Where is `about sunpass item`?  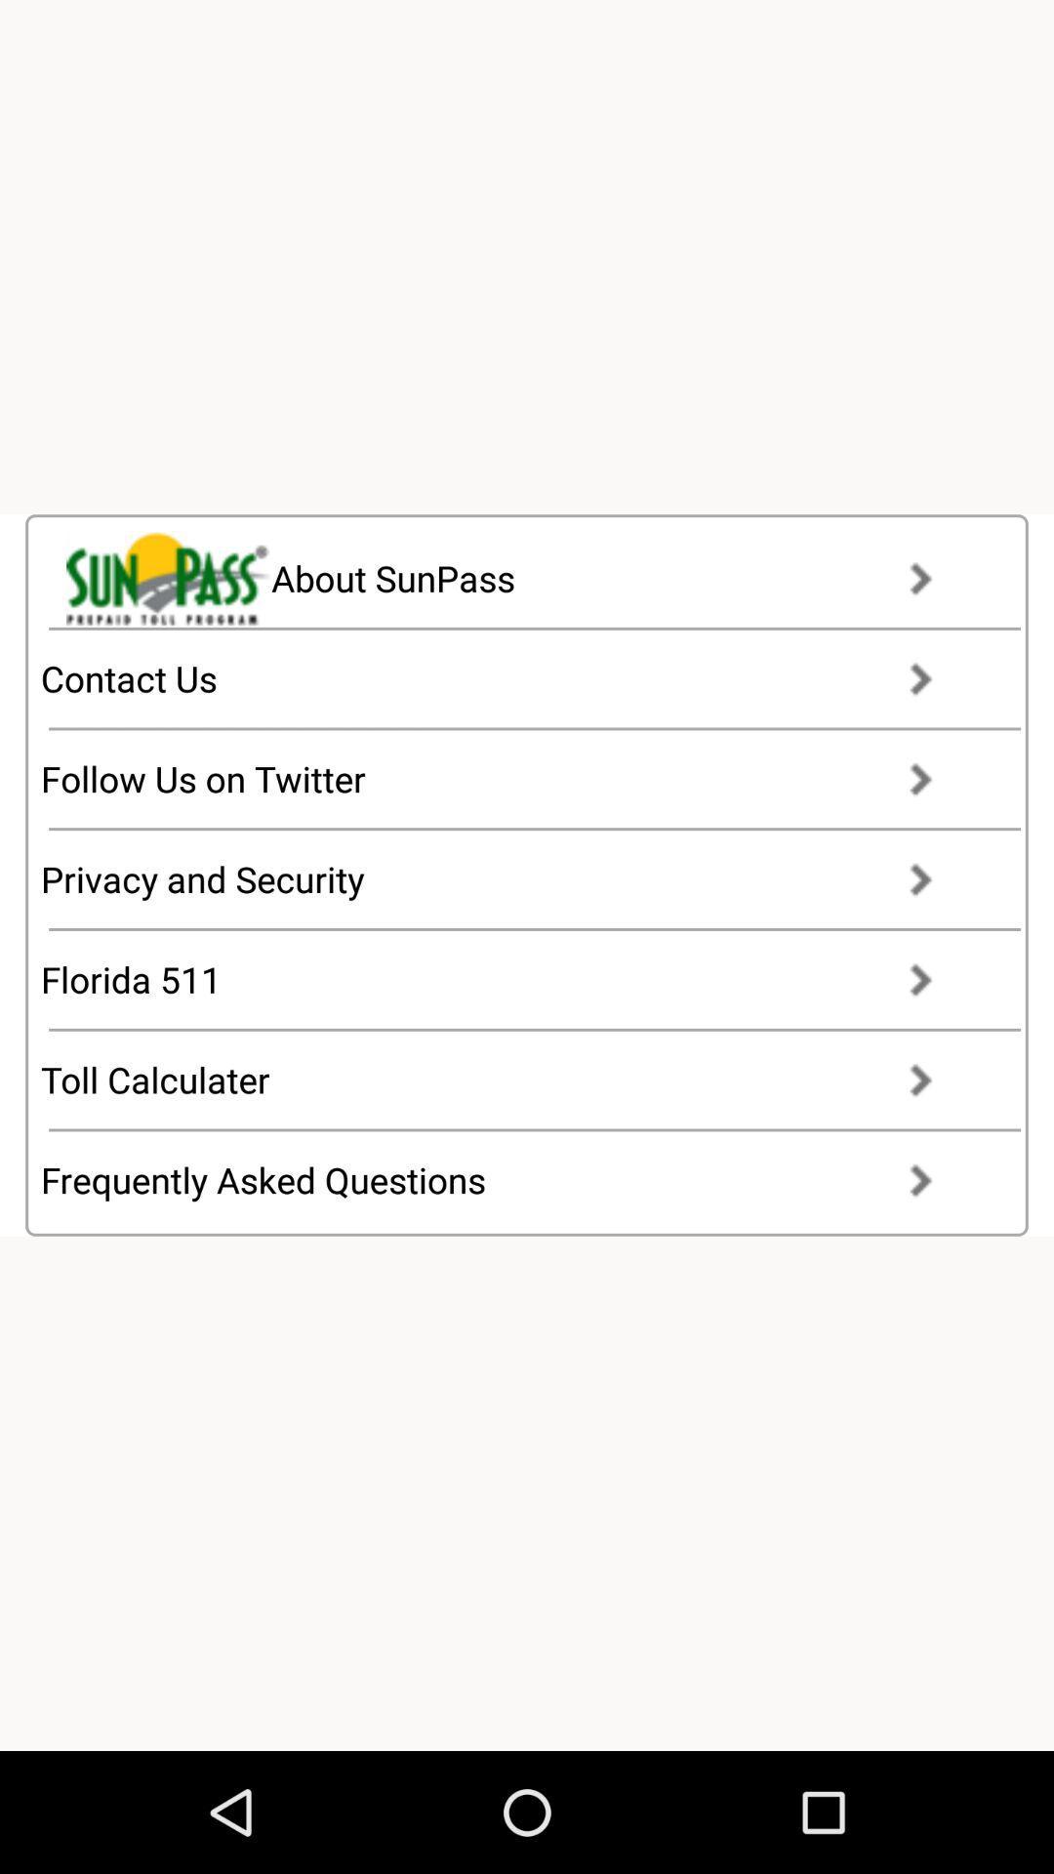 about sunpass item is located at coordinates (517, 577).